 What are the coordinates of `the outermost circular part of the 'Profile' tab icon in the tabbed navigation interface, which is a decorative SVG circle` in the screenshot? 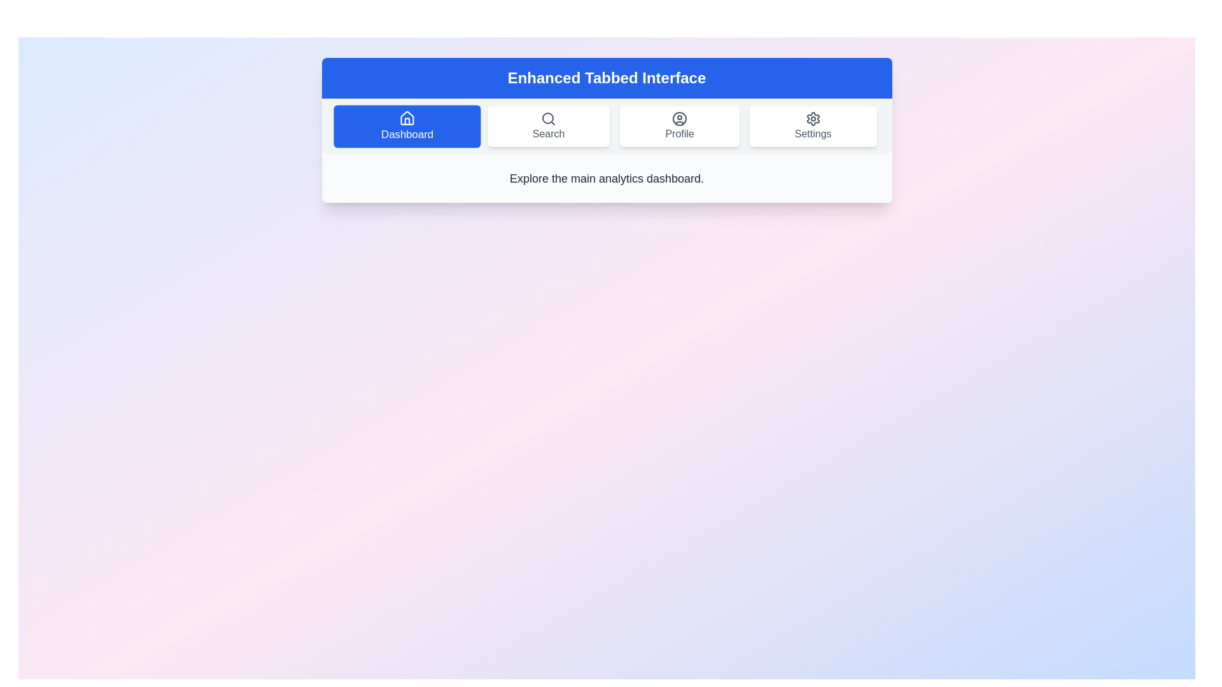 It's located at (679, 118).